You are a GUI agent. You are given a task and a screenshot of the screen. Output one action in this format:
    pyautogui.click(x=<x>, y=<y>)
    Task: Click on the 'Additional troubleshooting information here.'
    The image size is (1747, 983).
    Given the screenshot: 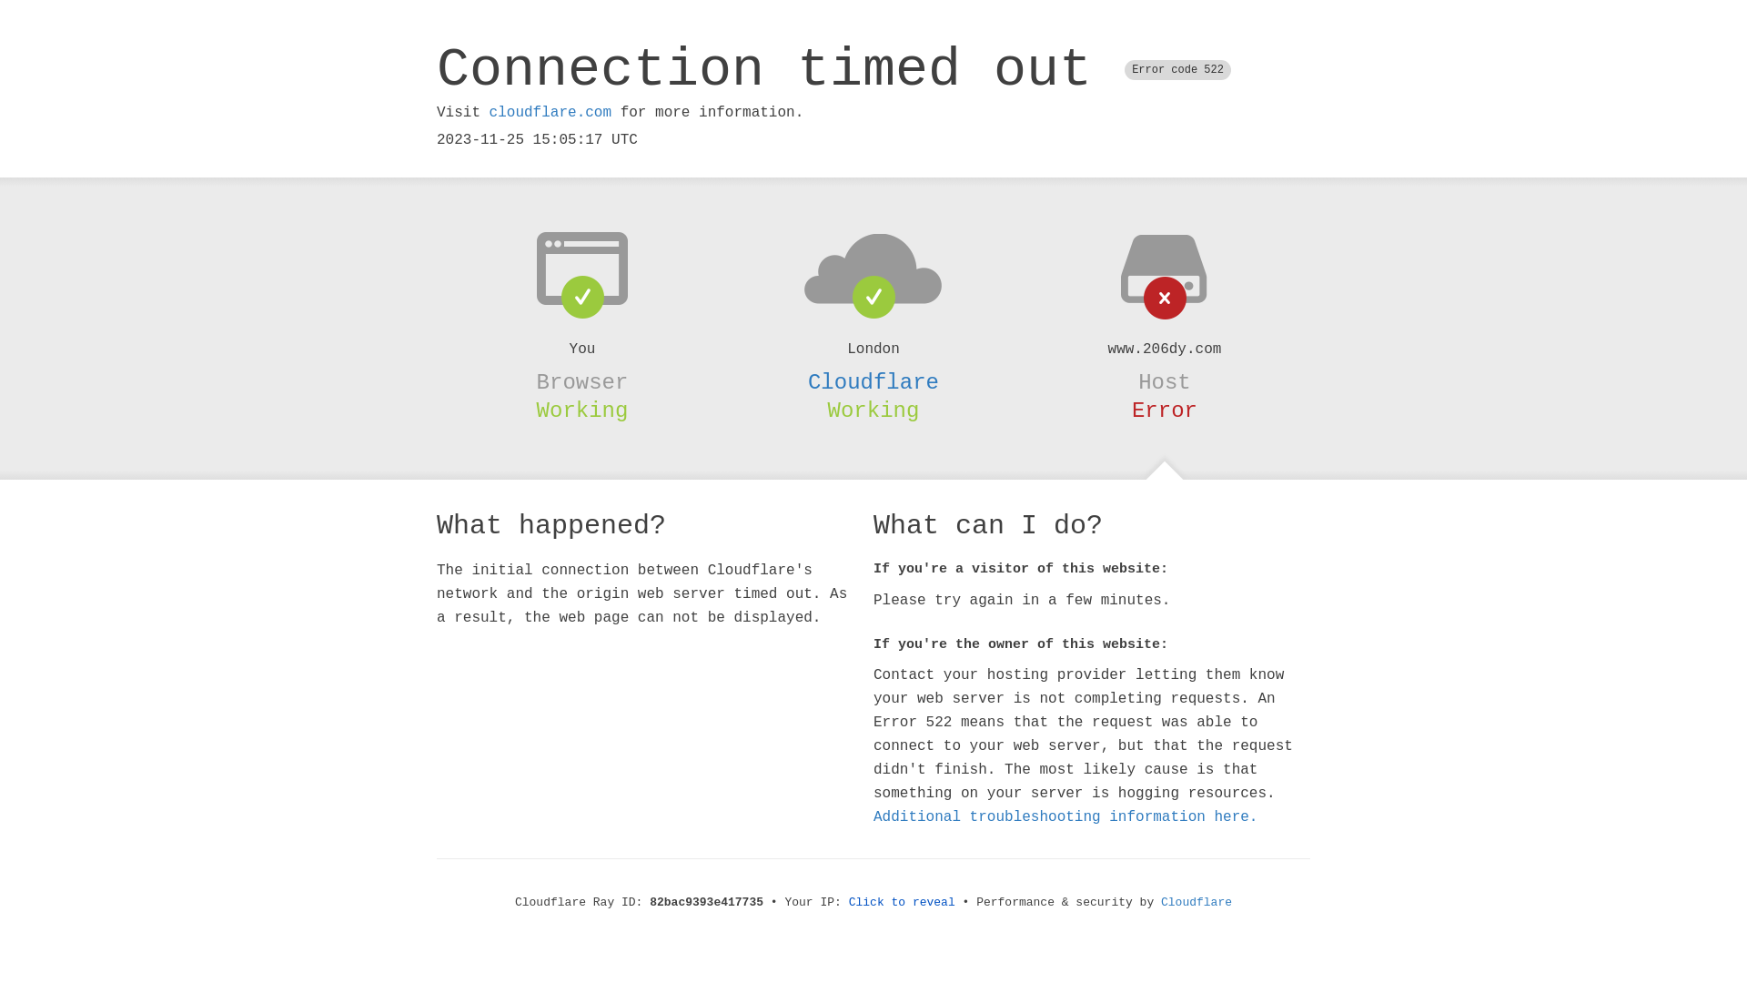 What is the action you would take?
    pyautogui.click(x=873, y=816)
    